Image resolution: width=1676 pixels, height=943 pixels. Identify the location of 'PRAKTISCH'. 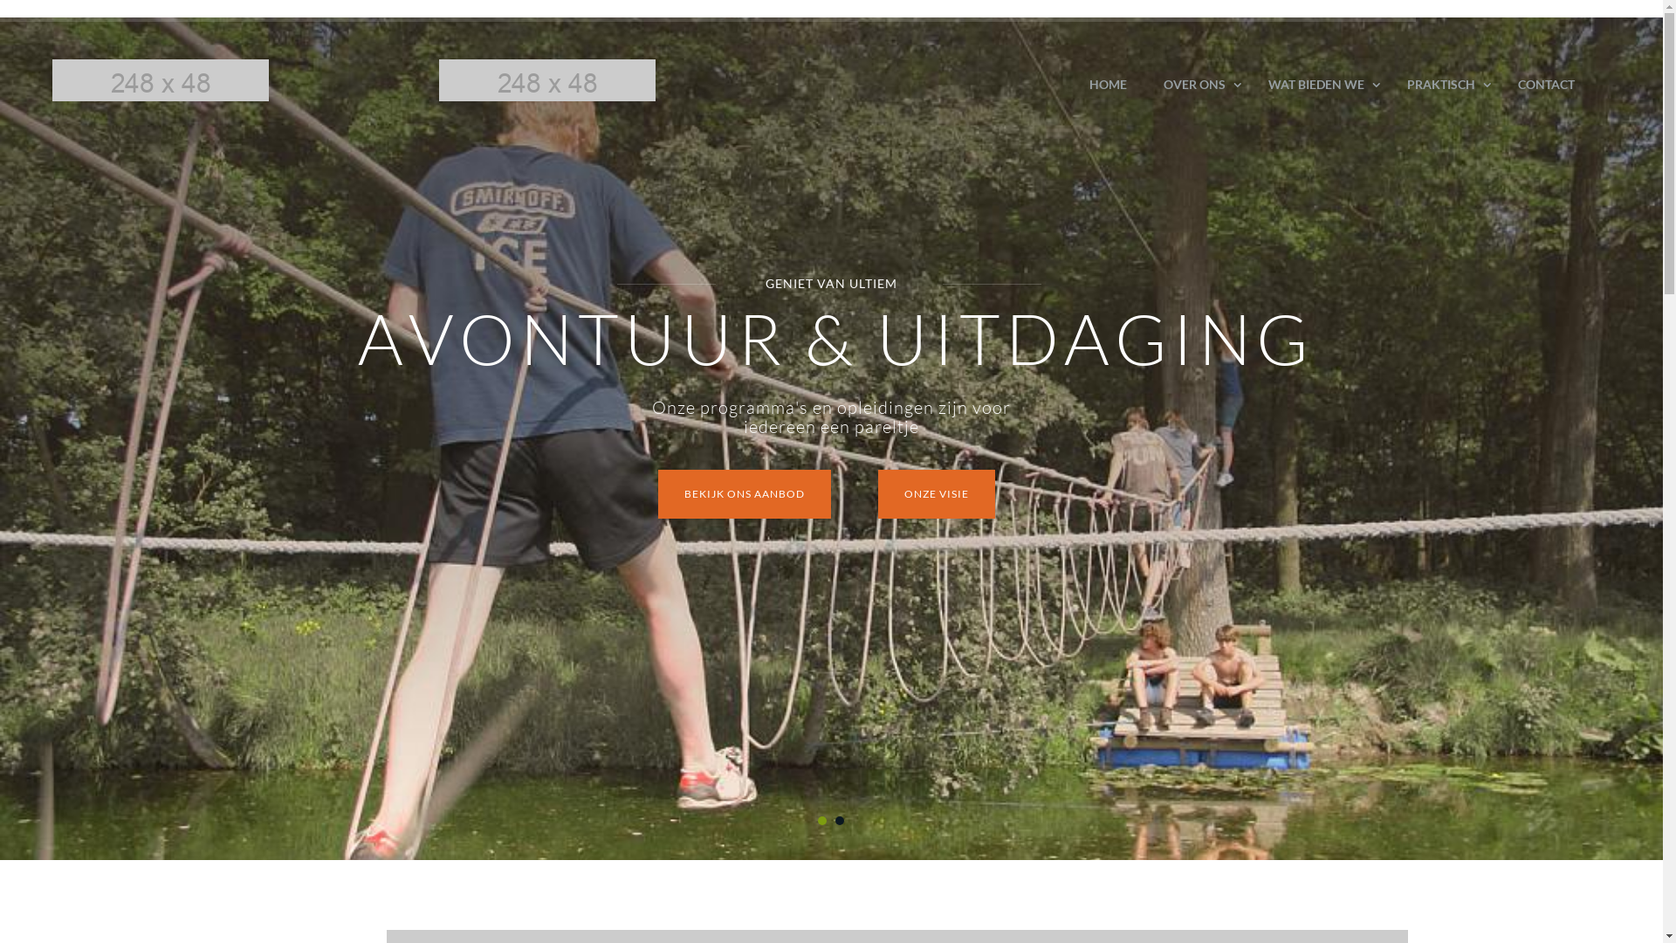
(1387, 84).